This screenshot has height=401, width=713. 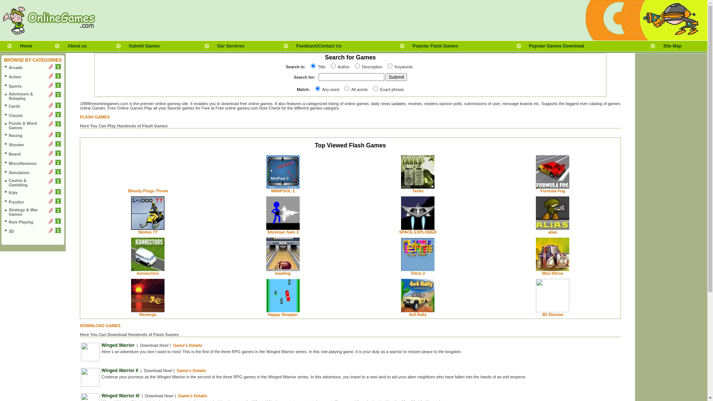 What do you see at coordinates (94, 117) in the screenshot?
I see `'FLASH GAMES'` at bounding box center [94, 117].